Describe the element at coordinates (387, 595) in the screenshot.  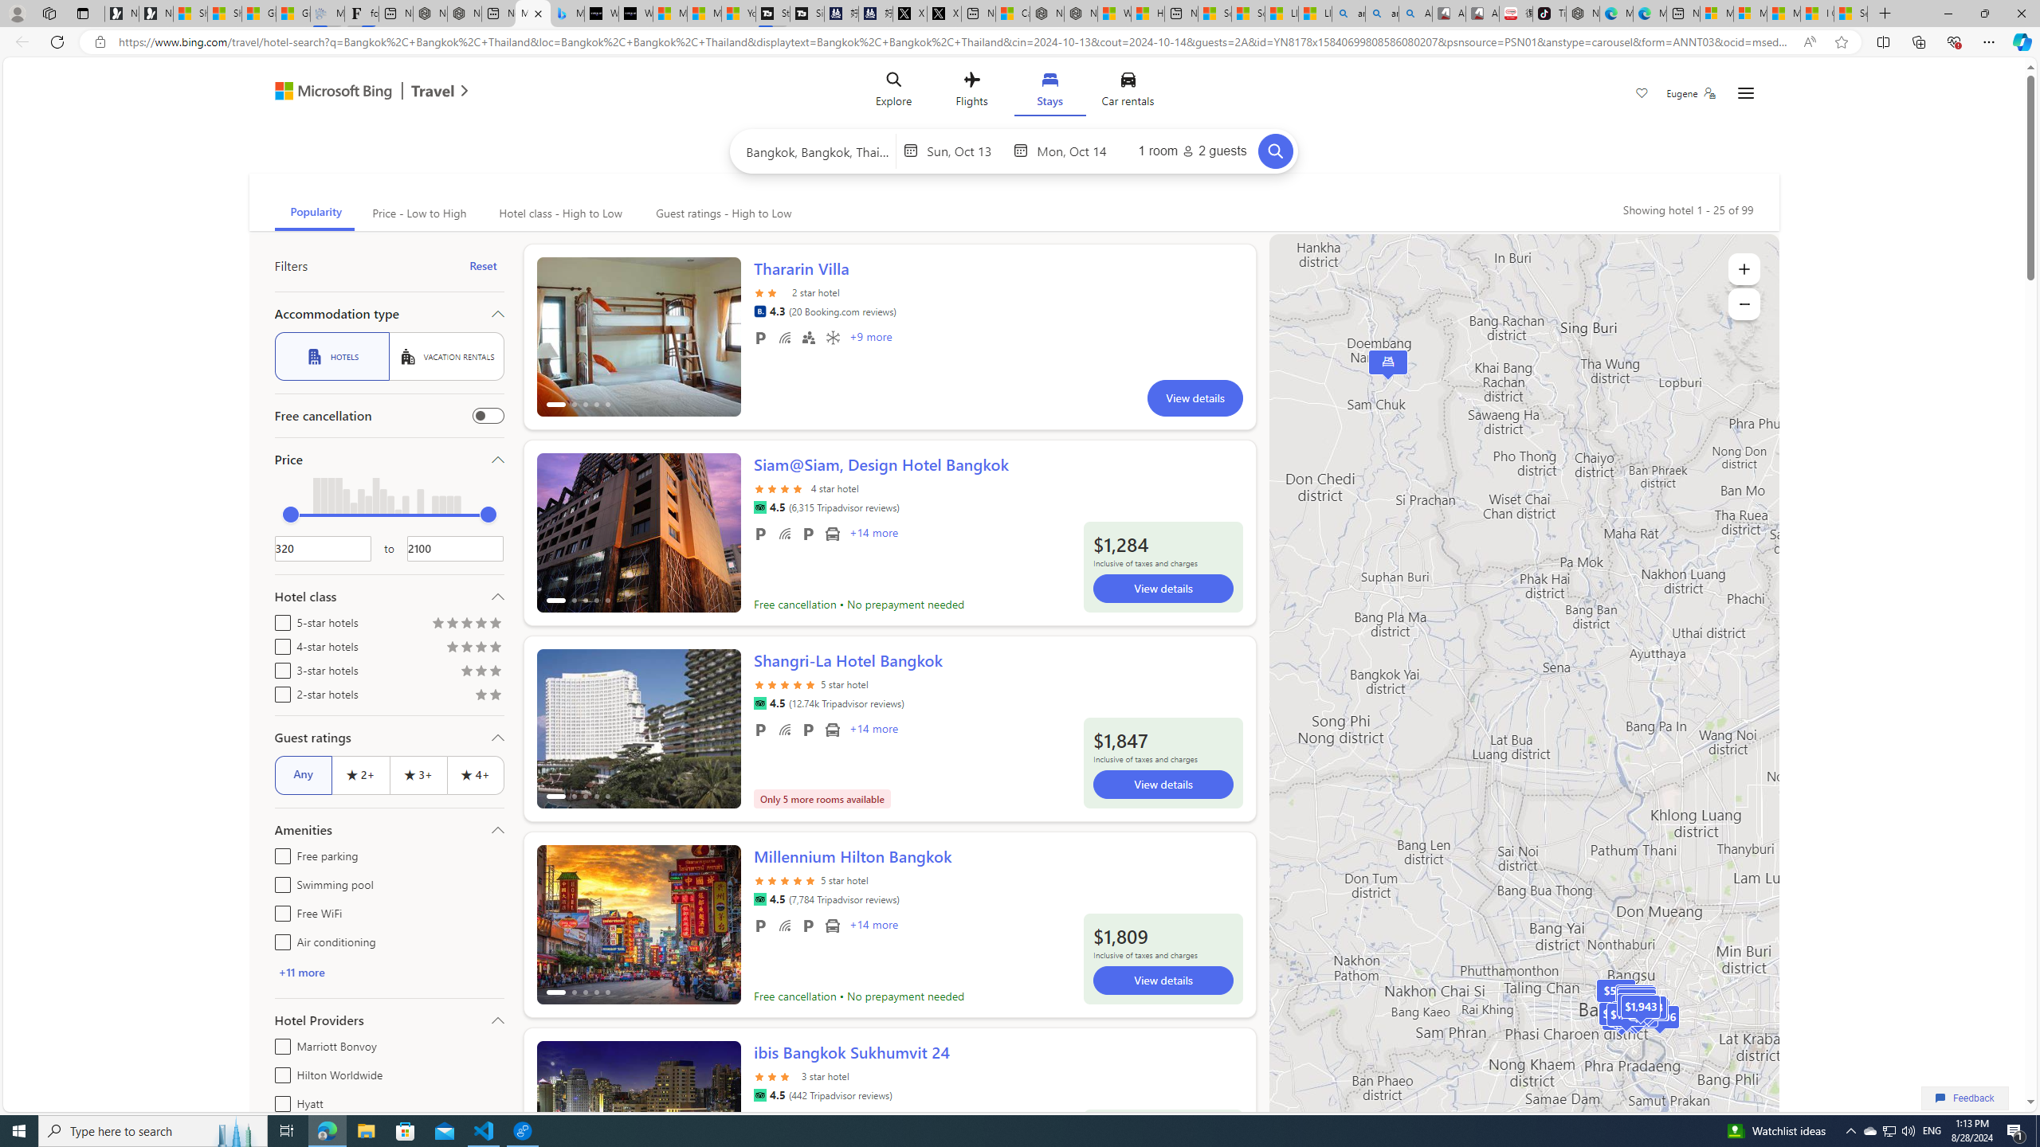
I see `'Hotel class'` at that location.